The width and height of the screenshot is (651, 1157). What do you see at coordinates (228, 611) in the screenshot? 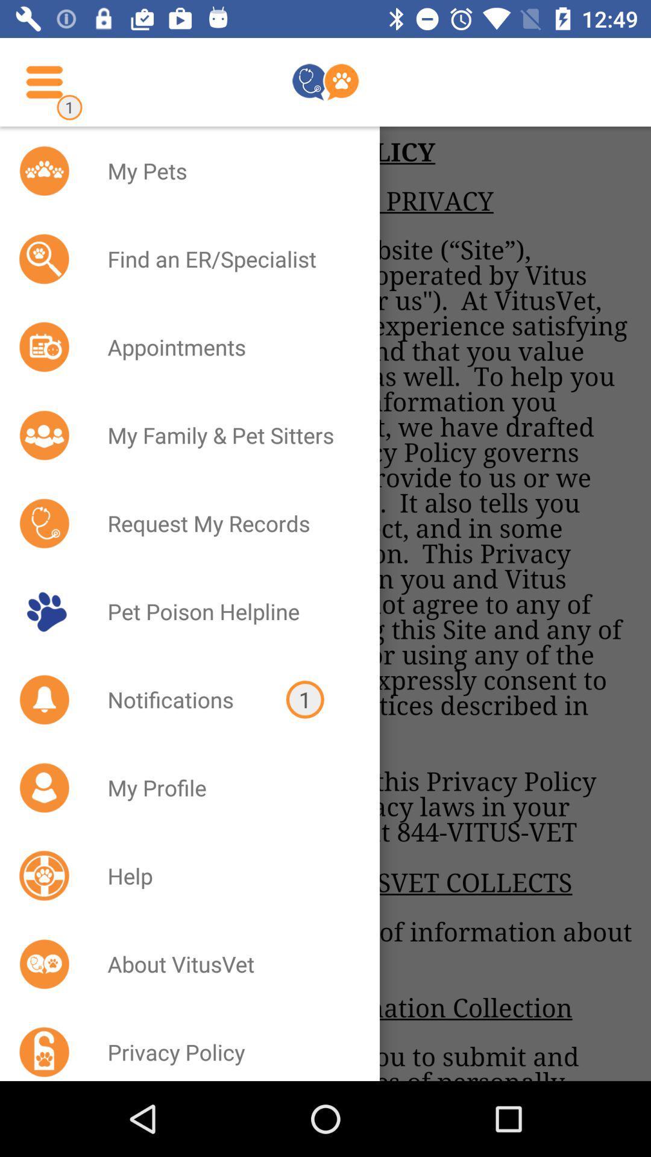
I see `pet poison helpline` at bounding box center [228, 611].